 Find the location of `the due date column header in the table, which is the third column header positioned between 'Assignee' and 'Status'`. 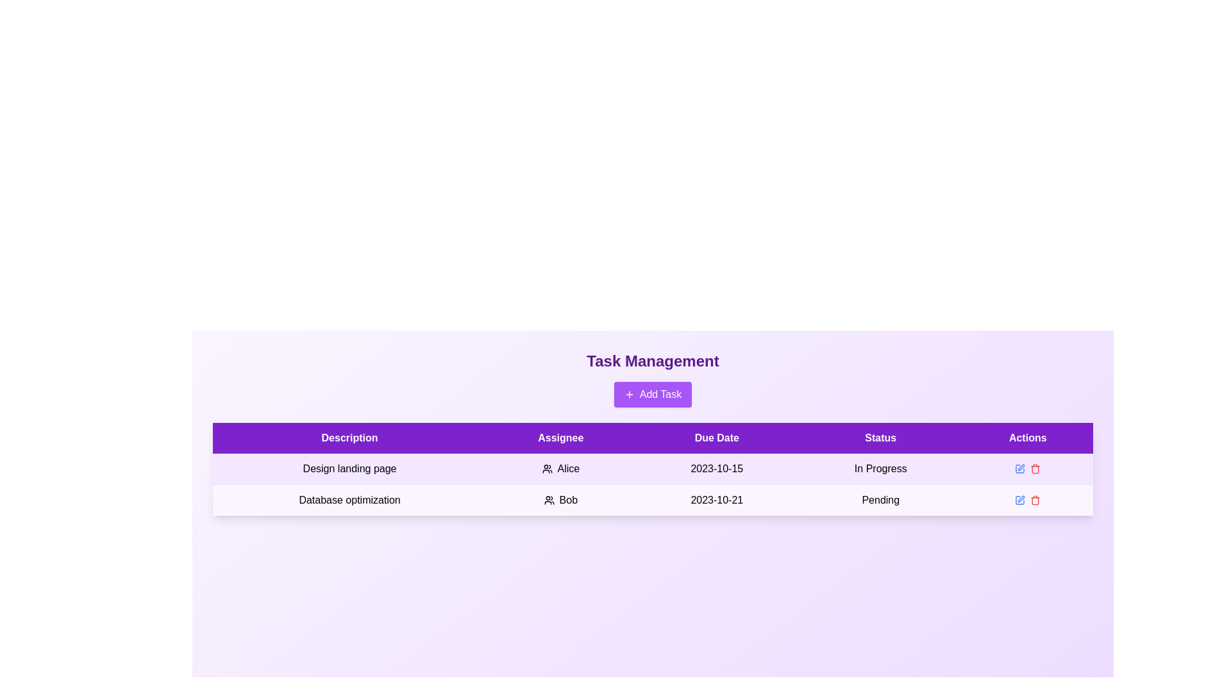

the due date column header in the table, which is the third column header positioned between 'Assignee' and 'Status' is located at coordinates (716, 437).